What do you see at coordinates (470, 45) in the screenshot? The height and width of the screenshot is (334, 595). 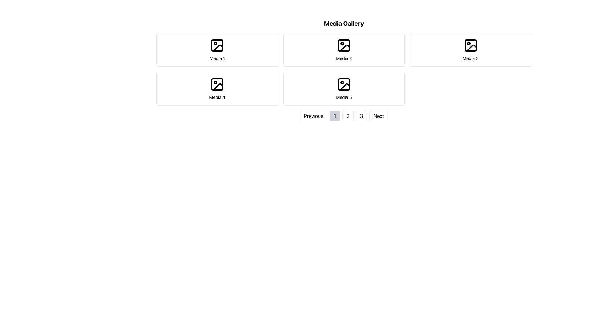 I see `the 'Media 3' icon in the top-right section of the 'Media Gallery' grid, which serves as a visual representation for the media item` at bounding box center [470, 45].